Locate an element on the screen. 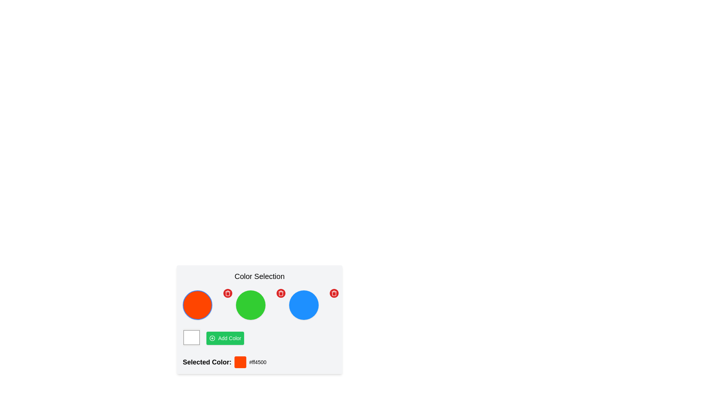 This screenshot has width=709, height=398. the bold and large 'Selected Color:' label located in the lower section of the color selection interface, positioned to the left of the color preview box and hexadecimal color code text is located at coordinates (207, 362).